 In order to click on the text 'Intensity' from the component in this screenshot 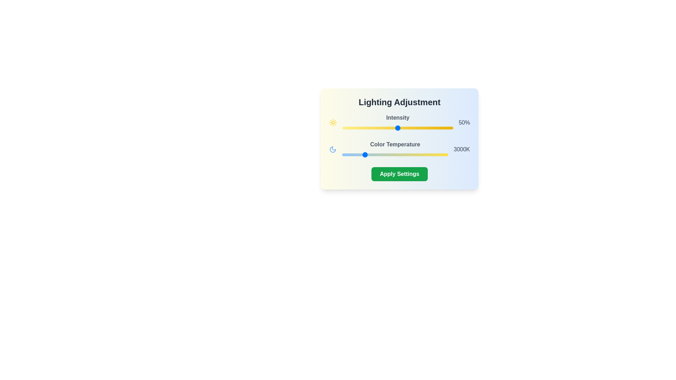, I will do `click(397, 118)`.